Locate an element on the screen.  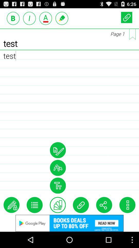
more tools is located at coordinates (34, 205).